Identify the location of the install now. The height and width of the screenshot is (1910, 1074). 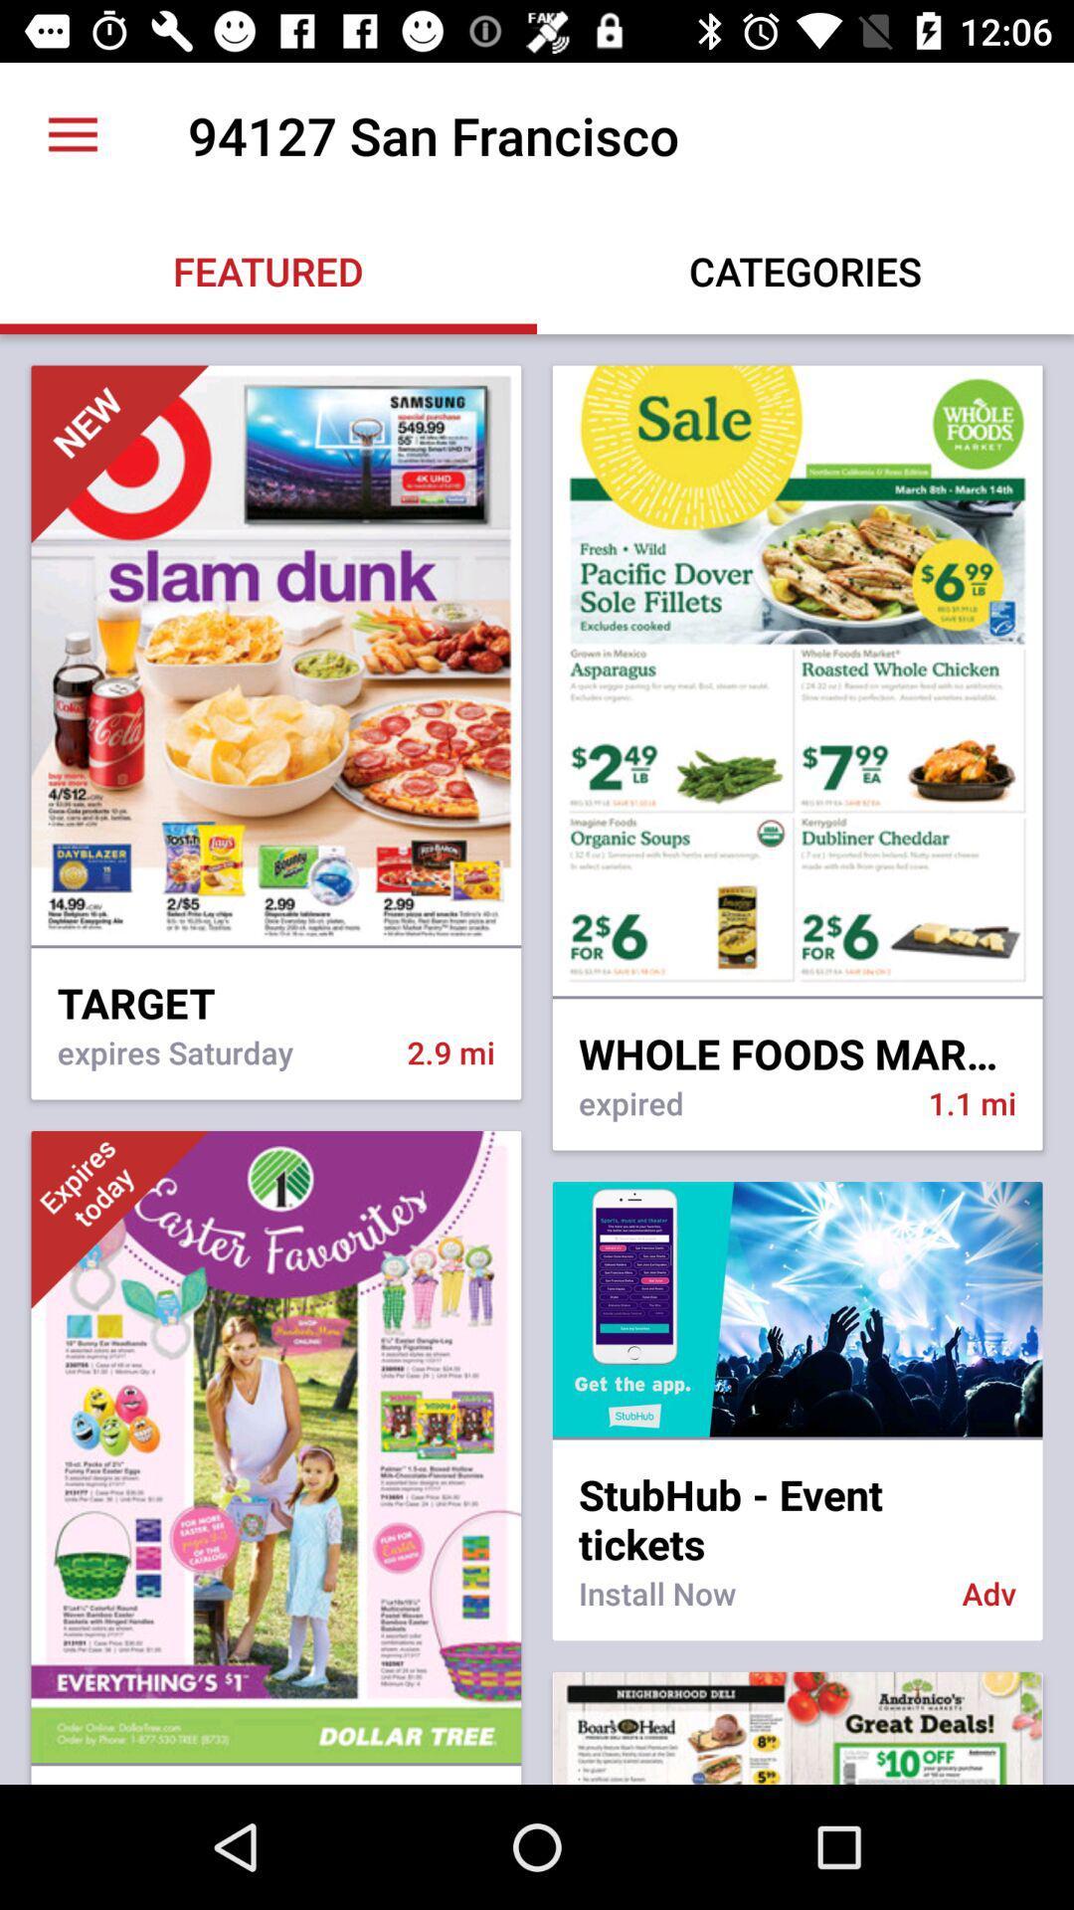
(757, 1606).